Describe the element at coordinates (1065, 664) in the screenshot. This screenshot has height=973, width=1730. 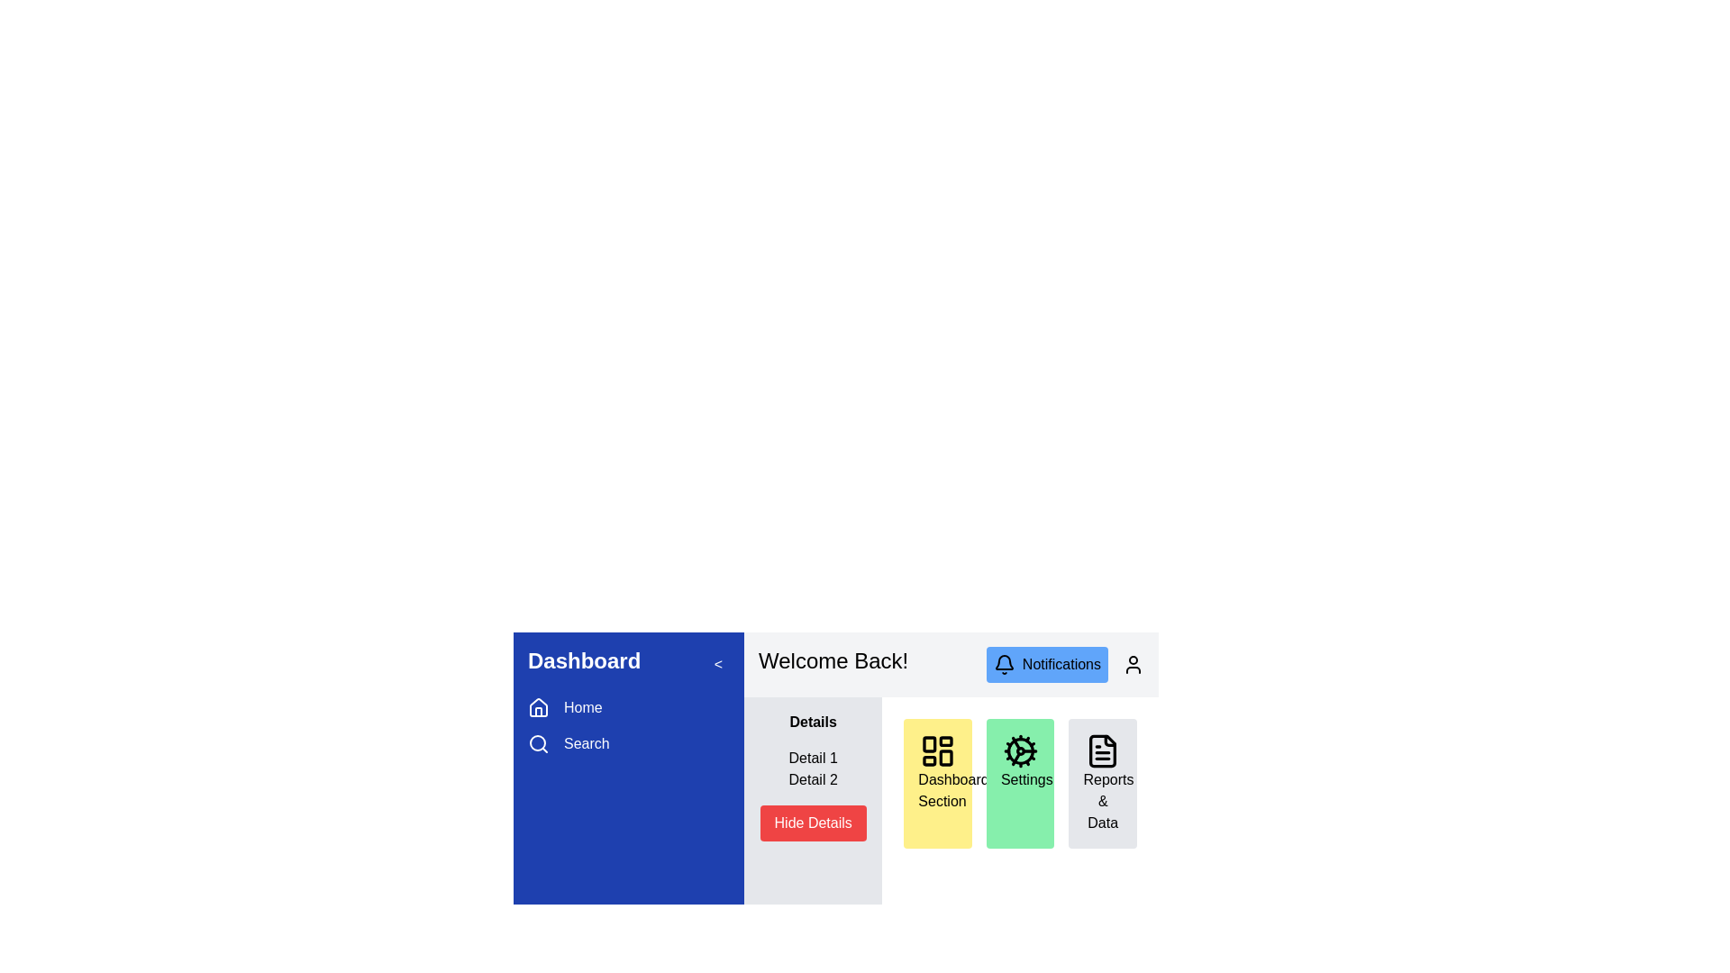
I see `the notification button located to the right of the 'Welcome Back!' text in the header section` at that location.